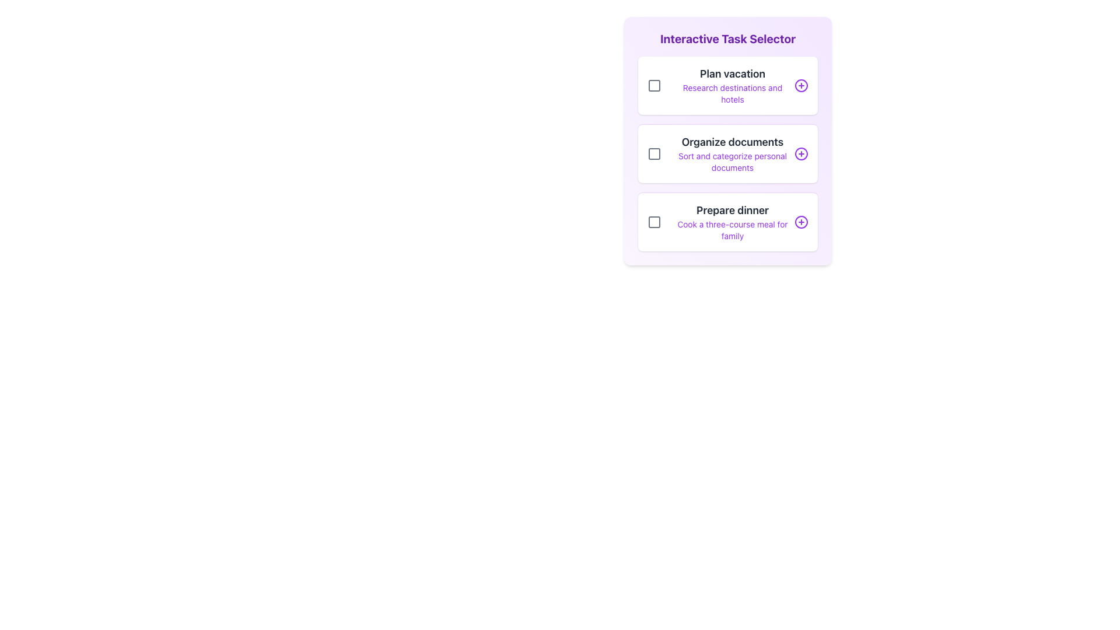 The image size is (1120, 630). I want to click on the circular outline of the icon that signifies the action of adding or interacting with the 'Organize documents' task, located on the right-hand side of the second task in the vertical list, so click(800, 153).